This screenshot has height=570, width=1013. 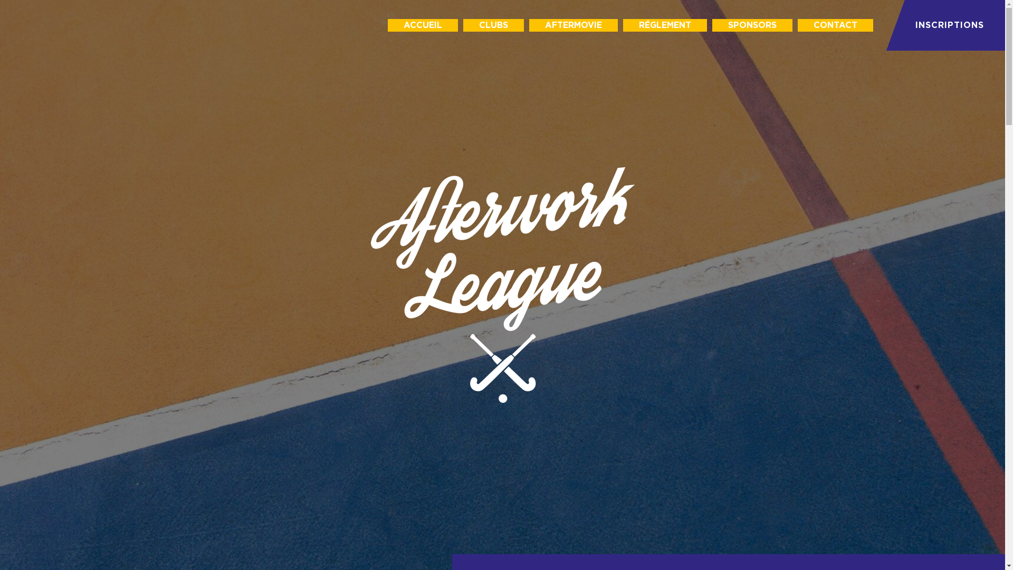 I want to click on 'INSCRIPTIONS', so click(x=944, y=24).